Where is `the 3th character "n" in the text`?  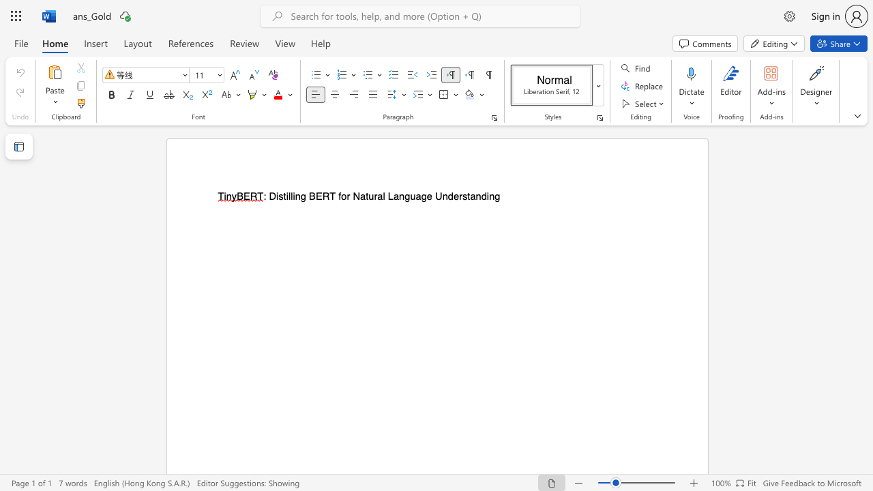
the 3th character "n" in the text is located at coordinates (445, 196).